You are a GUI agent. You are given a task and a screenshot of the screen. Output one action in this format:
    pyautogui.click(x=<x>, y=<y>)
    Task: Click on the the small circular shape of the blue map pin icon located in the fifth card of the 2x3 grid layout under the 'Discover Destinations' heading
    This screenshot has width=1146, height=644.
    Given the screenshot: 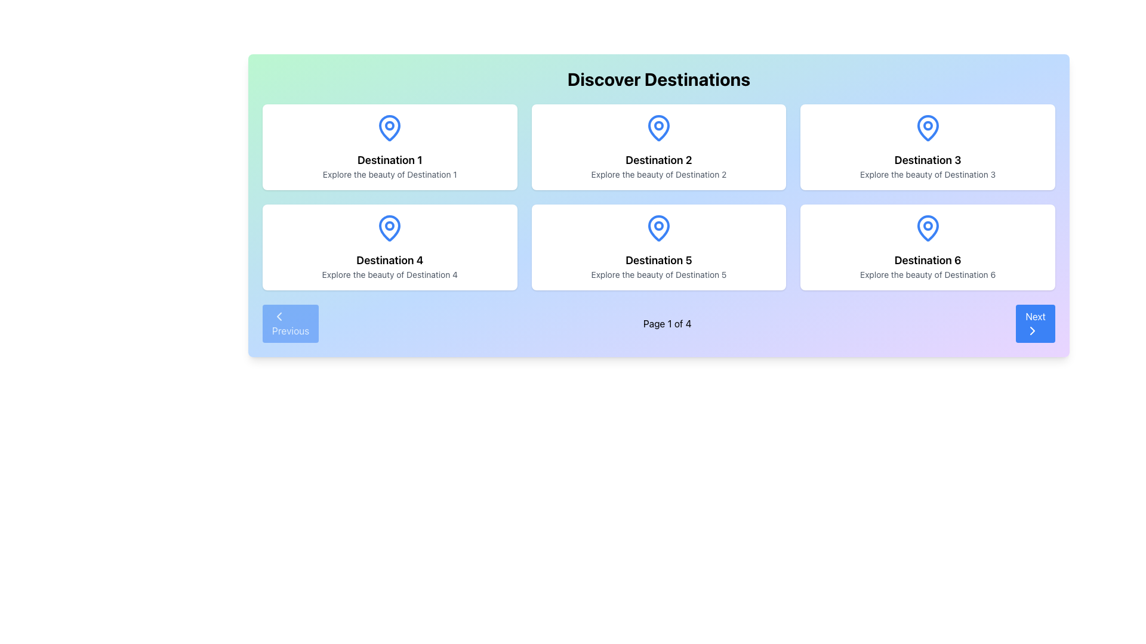 What is the action you would take?
    pyautogui.click(x=658, y=225)
    